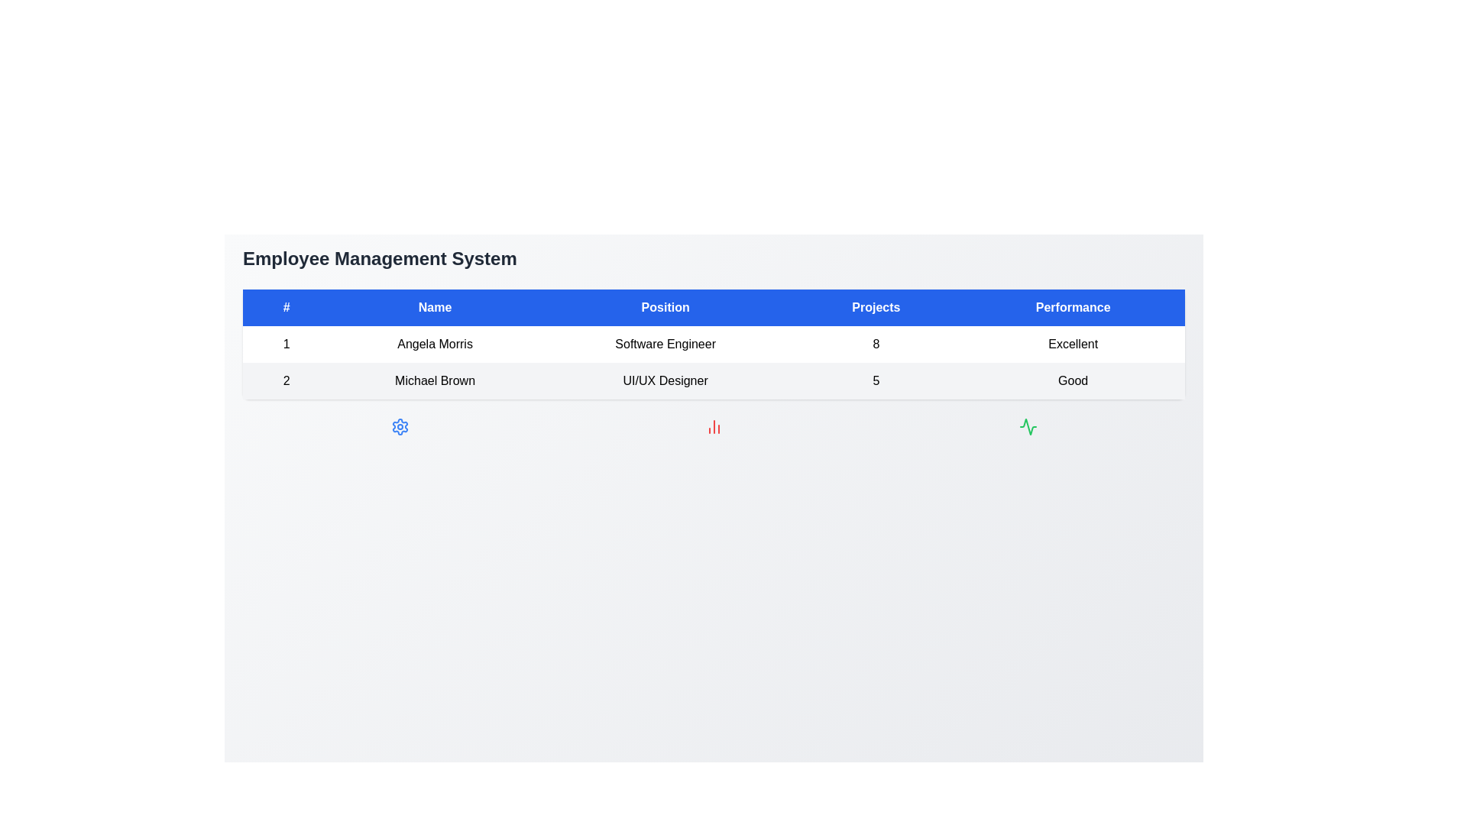 Image resolution: width=1467 pixels, height=825 pixels. Describe the element at coordinates (876, 307) in the screenshot. I see `the 'Projects' header label in the table` at that location.